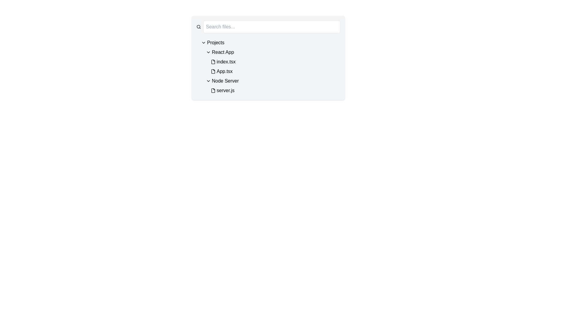  What do you see at coordinates (224, 71) in the screenshot?
I see `the text element displaying 'App.tsx' in a file list under the 'React App' folder` at bounding box center [224, 71].